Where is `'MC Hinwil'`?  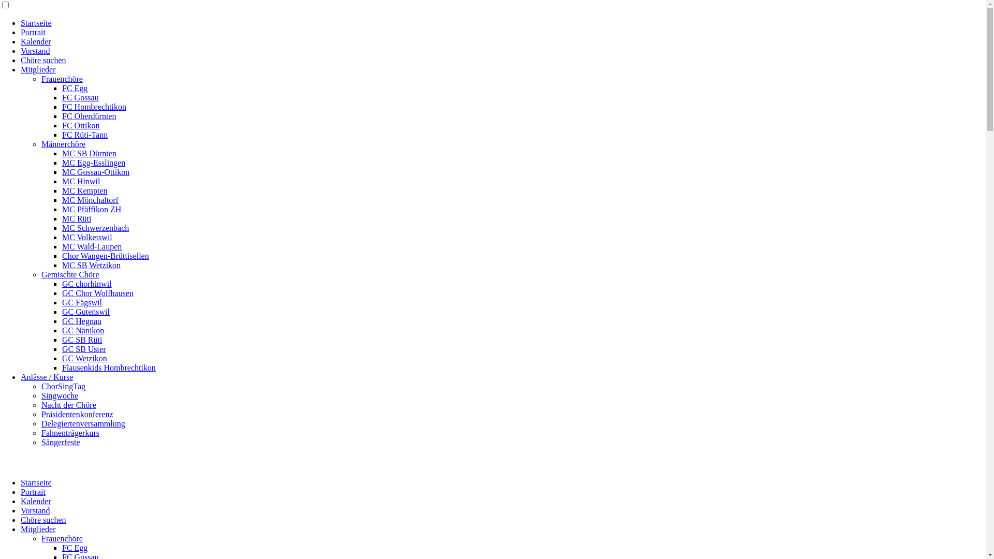
'MC Hinwil' is located at coordinates (80, 181).